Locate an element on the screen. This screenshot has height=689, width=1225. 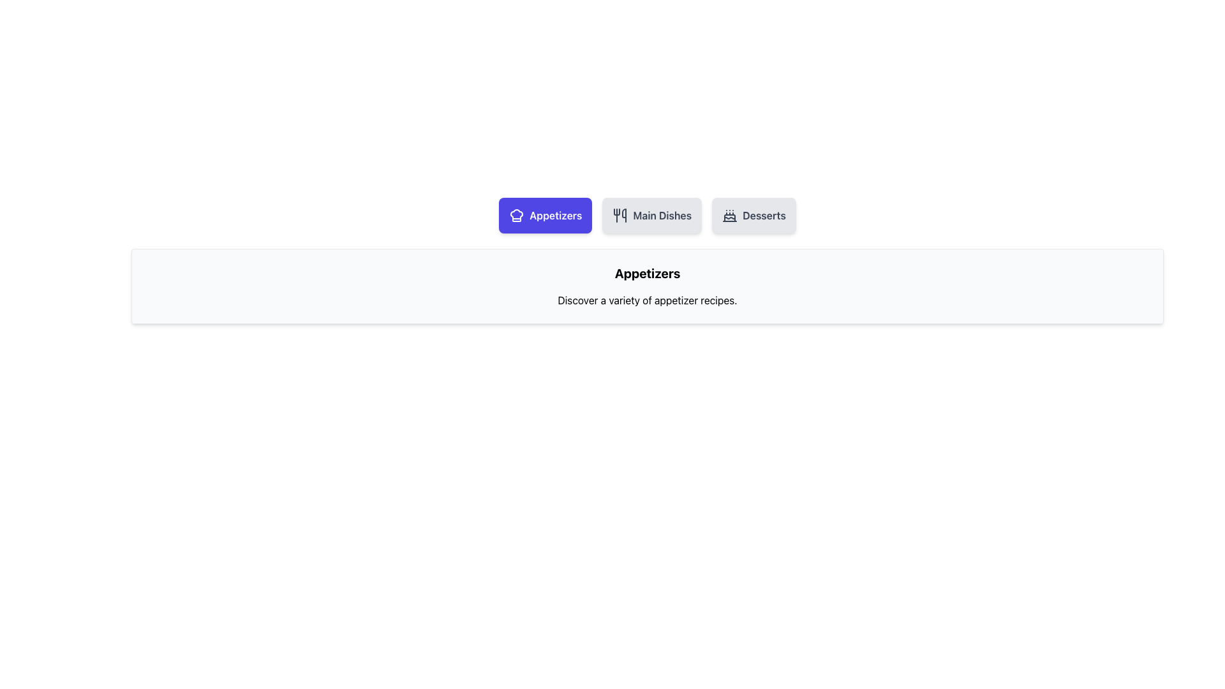
the text label displaying 'Appetizers' which is centrally aligned within a button-like component in the navigation bar, styled with a bold font and royal blue background is located at coordinates (556, 215).